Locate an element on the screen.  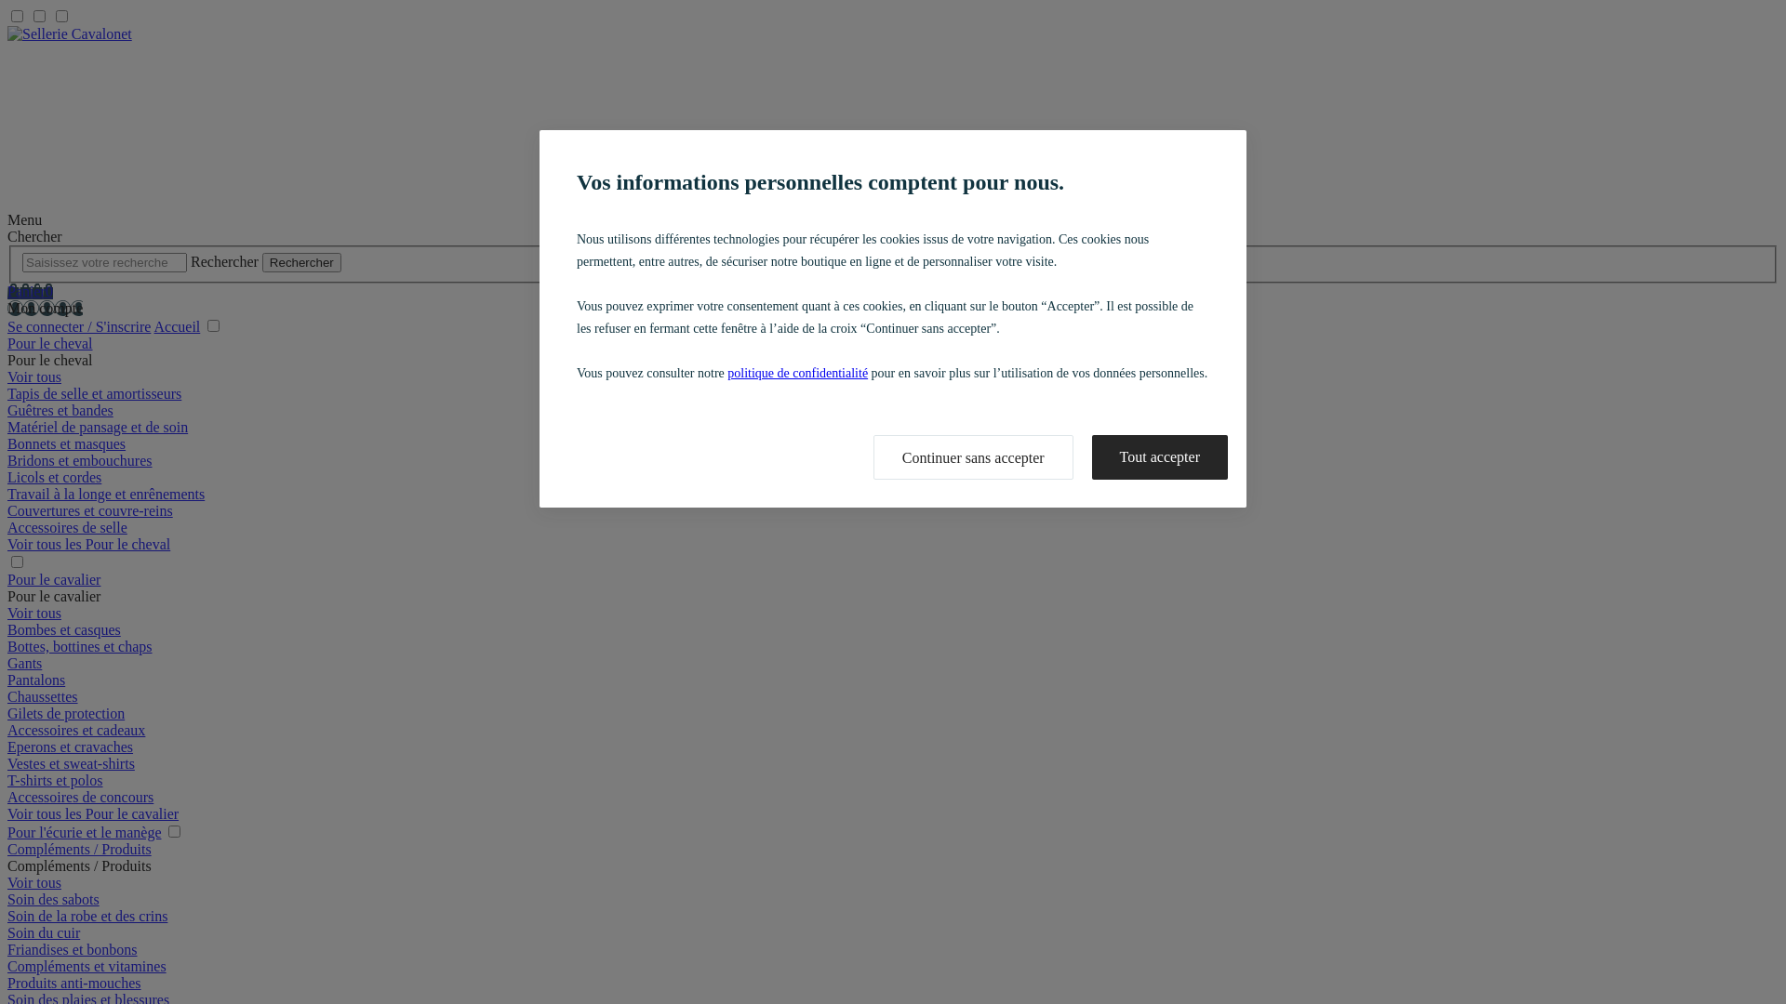
'Eperons et cravaches' is located at coordinates (7, 746).